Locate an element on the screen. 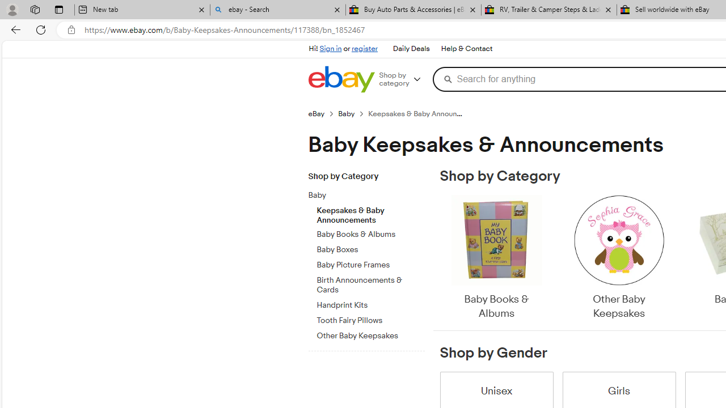  'Birth Announcements & Cards' is located at coordinates (370, 284).